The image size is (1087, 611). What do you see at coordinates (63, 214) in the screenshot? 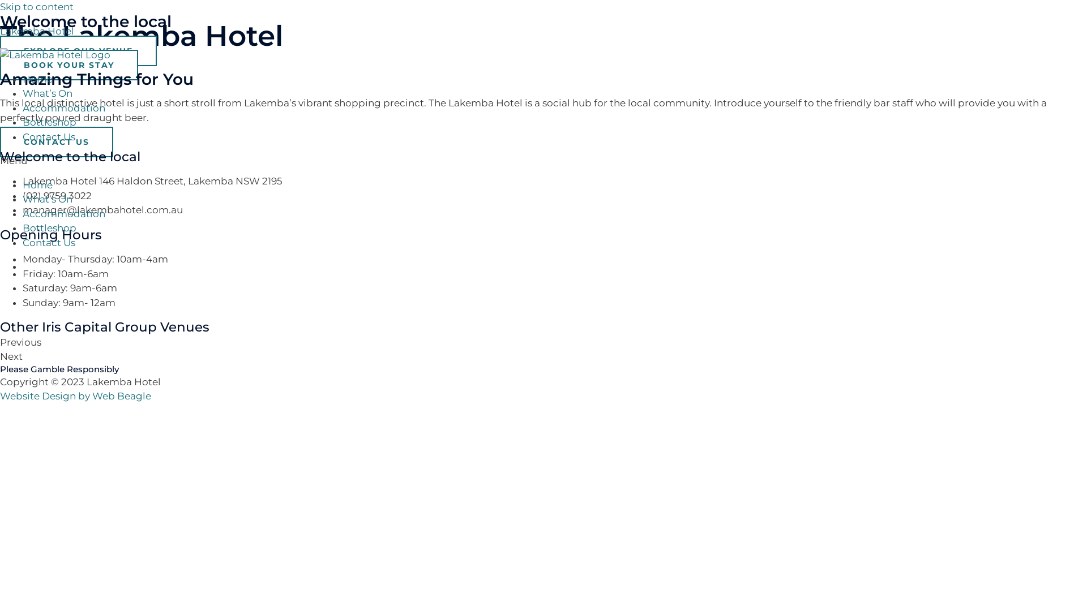
I see `'Accommodation'` at bounding box center [63, 214].